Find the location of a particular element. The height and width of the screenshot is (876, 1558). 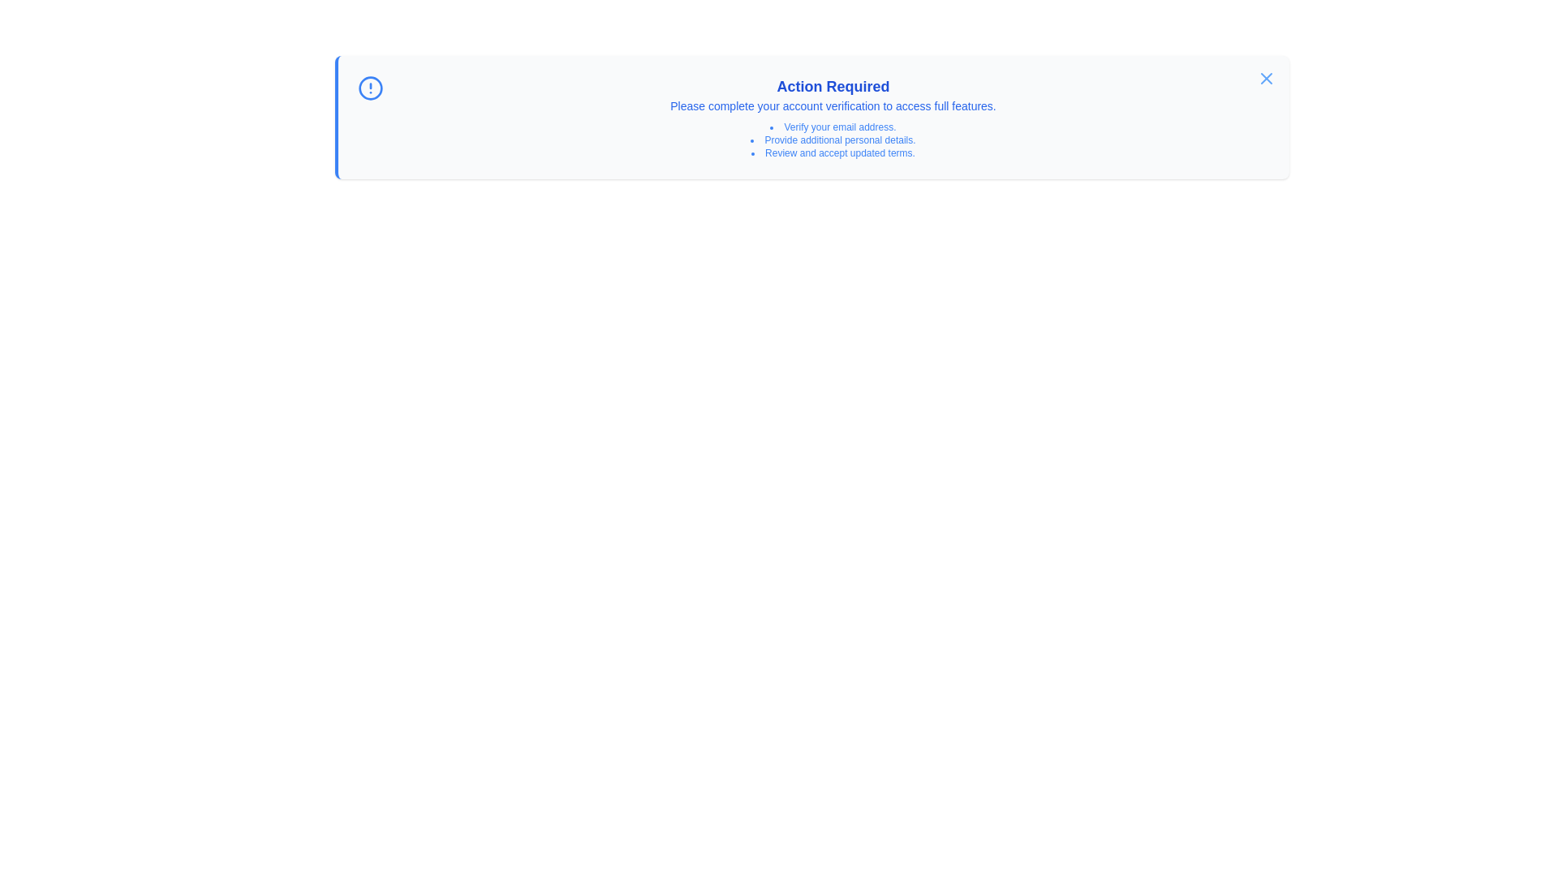

dismiss button located at the top-right corner of the notification panel is located at coordinates (1265, 78).